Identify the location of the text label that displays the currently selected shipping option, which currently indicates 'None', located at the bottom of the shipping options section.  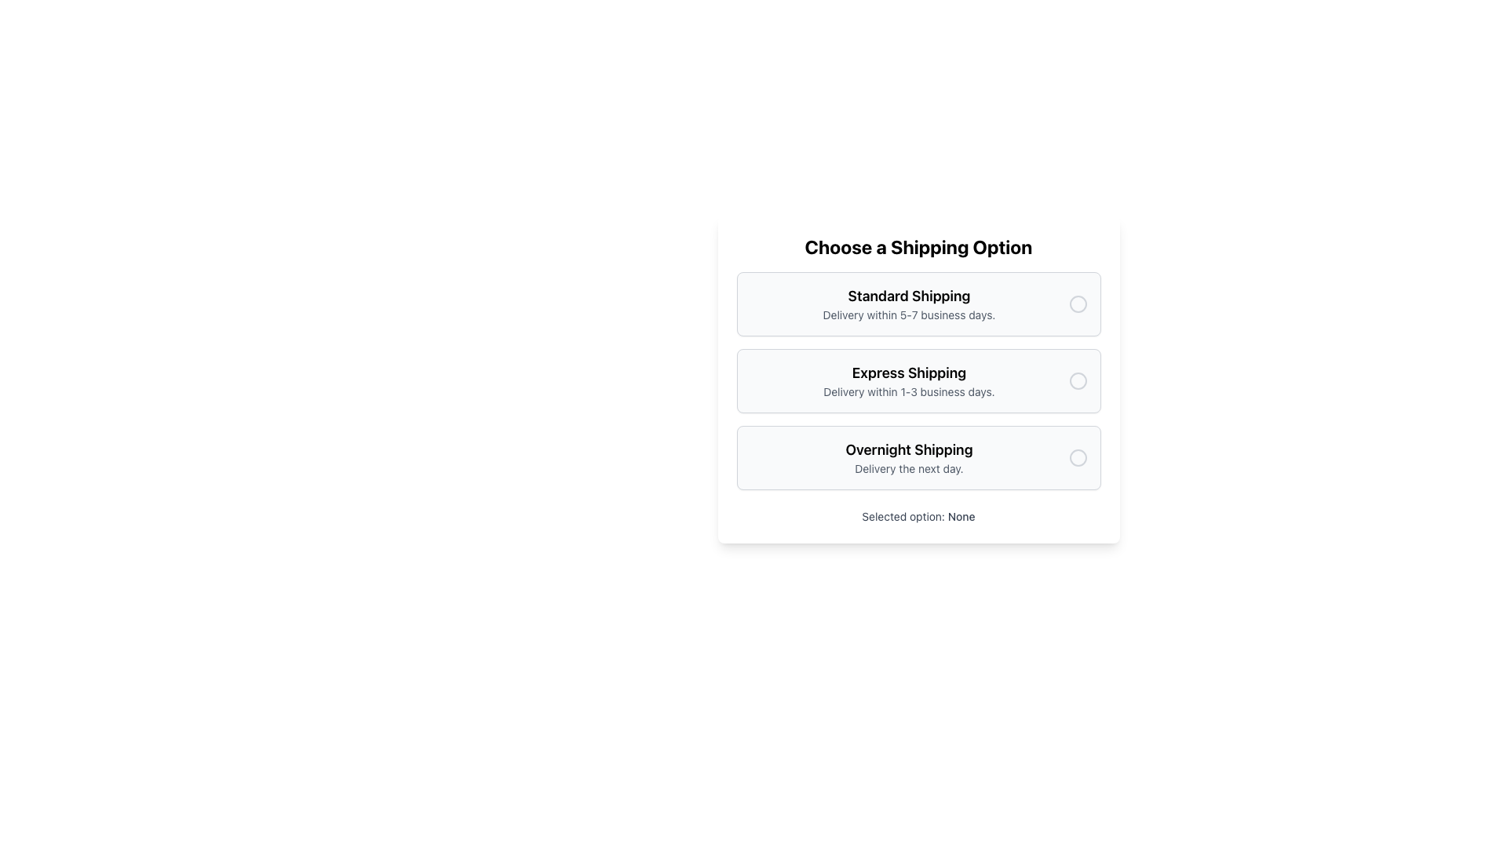
(961, 516).